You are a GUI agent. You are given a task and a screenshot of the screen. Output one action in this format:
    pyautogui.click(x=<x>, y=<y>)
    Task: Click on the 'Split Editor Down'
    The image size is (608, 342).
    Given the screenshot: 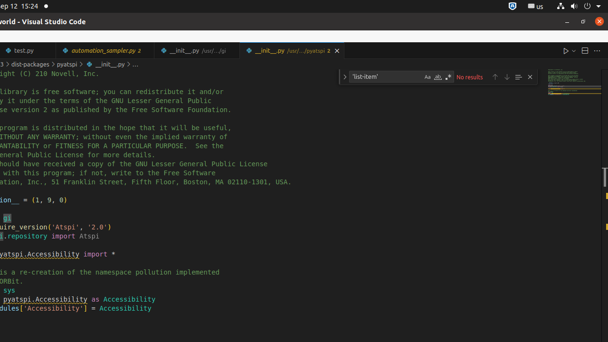 What is the action you would take?
    pyautogui.click(x=584, y=50)
    